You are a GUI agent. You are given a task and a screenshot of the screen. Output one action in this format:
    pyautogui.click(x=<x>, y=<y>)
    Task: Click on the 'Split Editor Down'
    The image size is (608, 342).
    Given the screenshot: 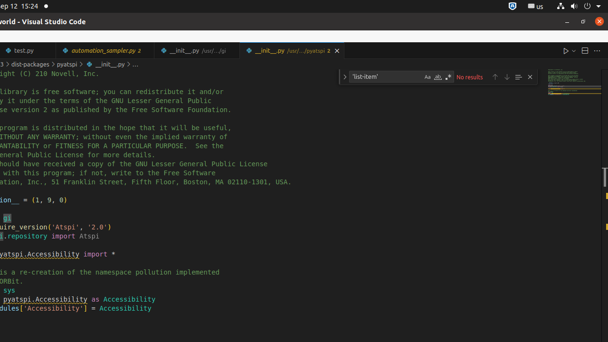 What is the action you would take?
    pyautogui.click(x=584, y=50)
    